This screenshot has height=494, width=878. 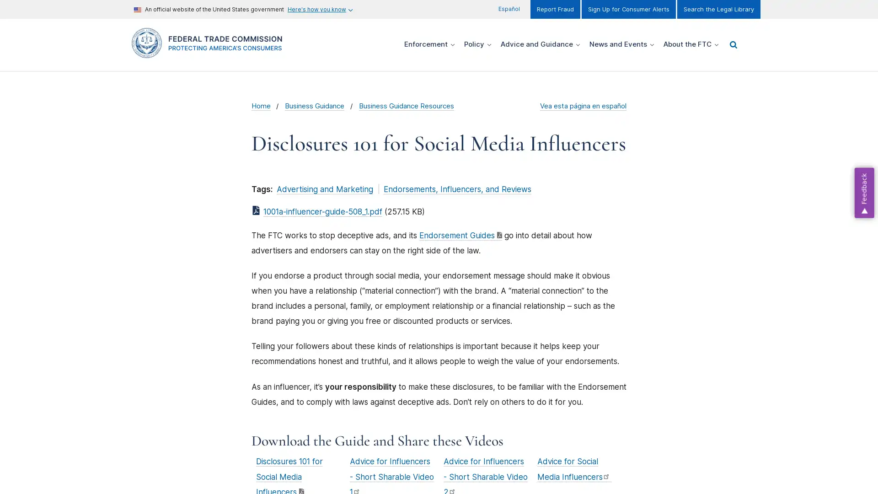 What do you see at coordinates (430, 44) in the screenshot?
I see `Show/hide Enforcement menu items` at bounding box center [430, 44].